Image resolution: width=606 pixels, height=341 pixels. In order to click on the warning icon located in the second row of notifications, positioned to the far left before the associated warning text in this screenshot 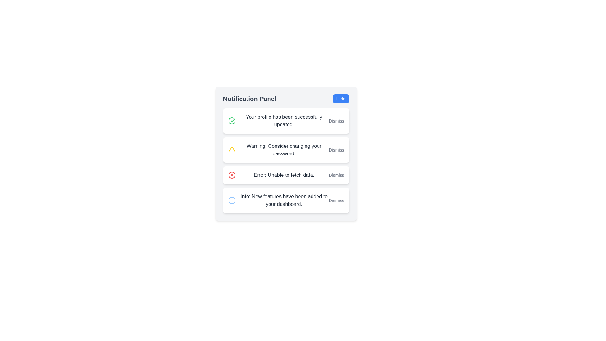, I will do `click(231, 150)`.